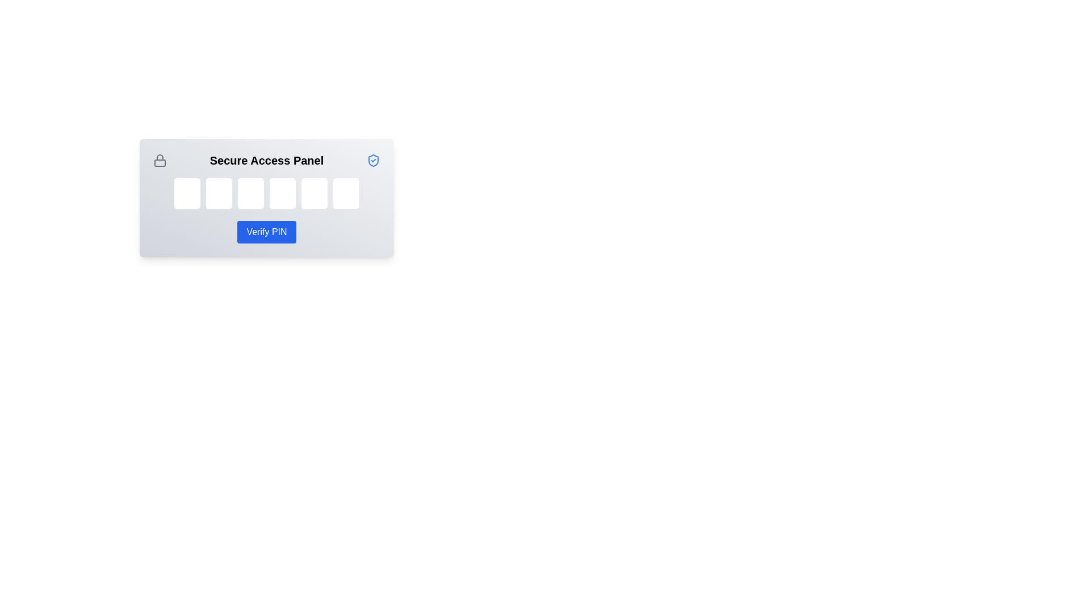  Describe the element at coordinates (283, 192) in the screenshot. I see `the fourth password input field in the 'Secure Access Panel' to focus the input` at that location.